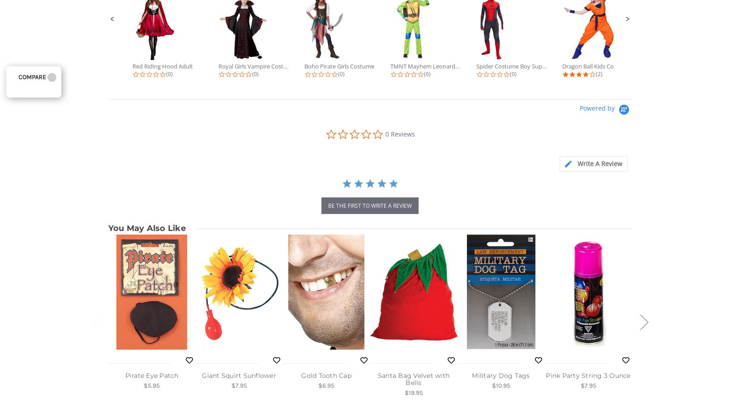 Image resolution: width=740 pixels, height=419 pixels. What do you see at coordinates (595, 73) in the screenshot?
I see `'(2)'` at bounding box center [595, 73].